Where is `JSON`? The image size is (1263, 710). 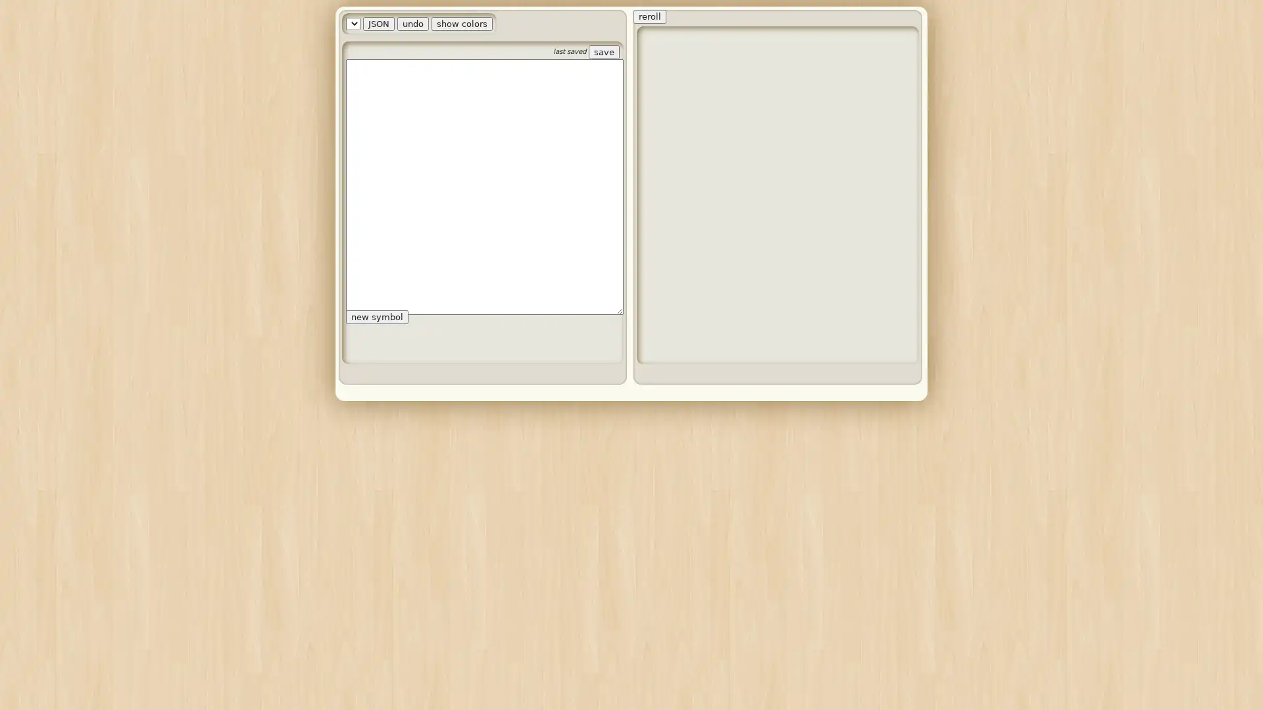 JSON is located at coordinates (439, 24).